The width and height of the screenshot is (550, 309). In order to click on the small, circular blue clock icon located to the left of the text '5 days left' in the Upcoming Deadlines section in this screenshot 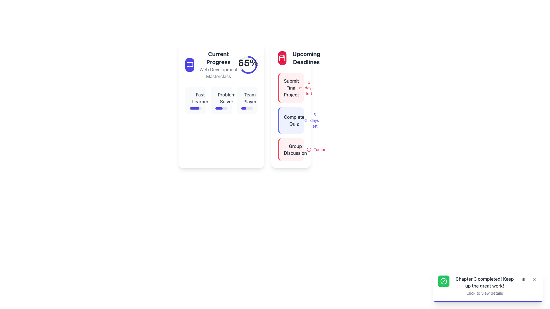, I will do `click(305, 120)`.